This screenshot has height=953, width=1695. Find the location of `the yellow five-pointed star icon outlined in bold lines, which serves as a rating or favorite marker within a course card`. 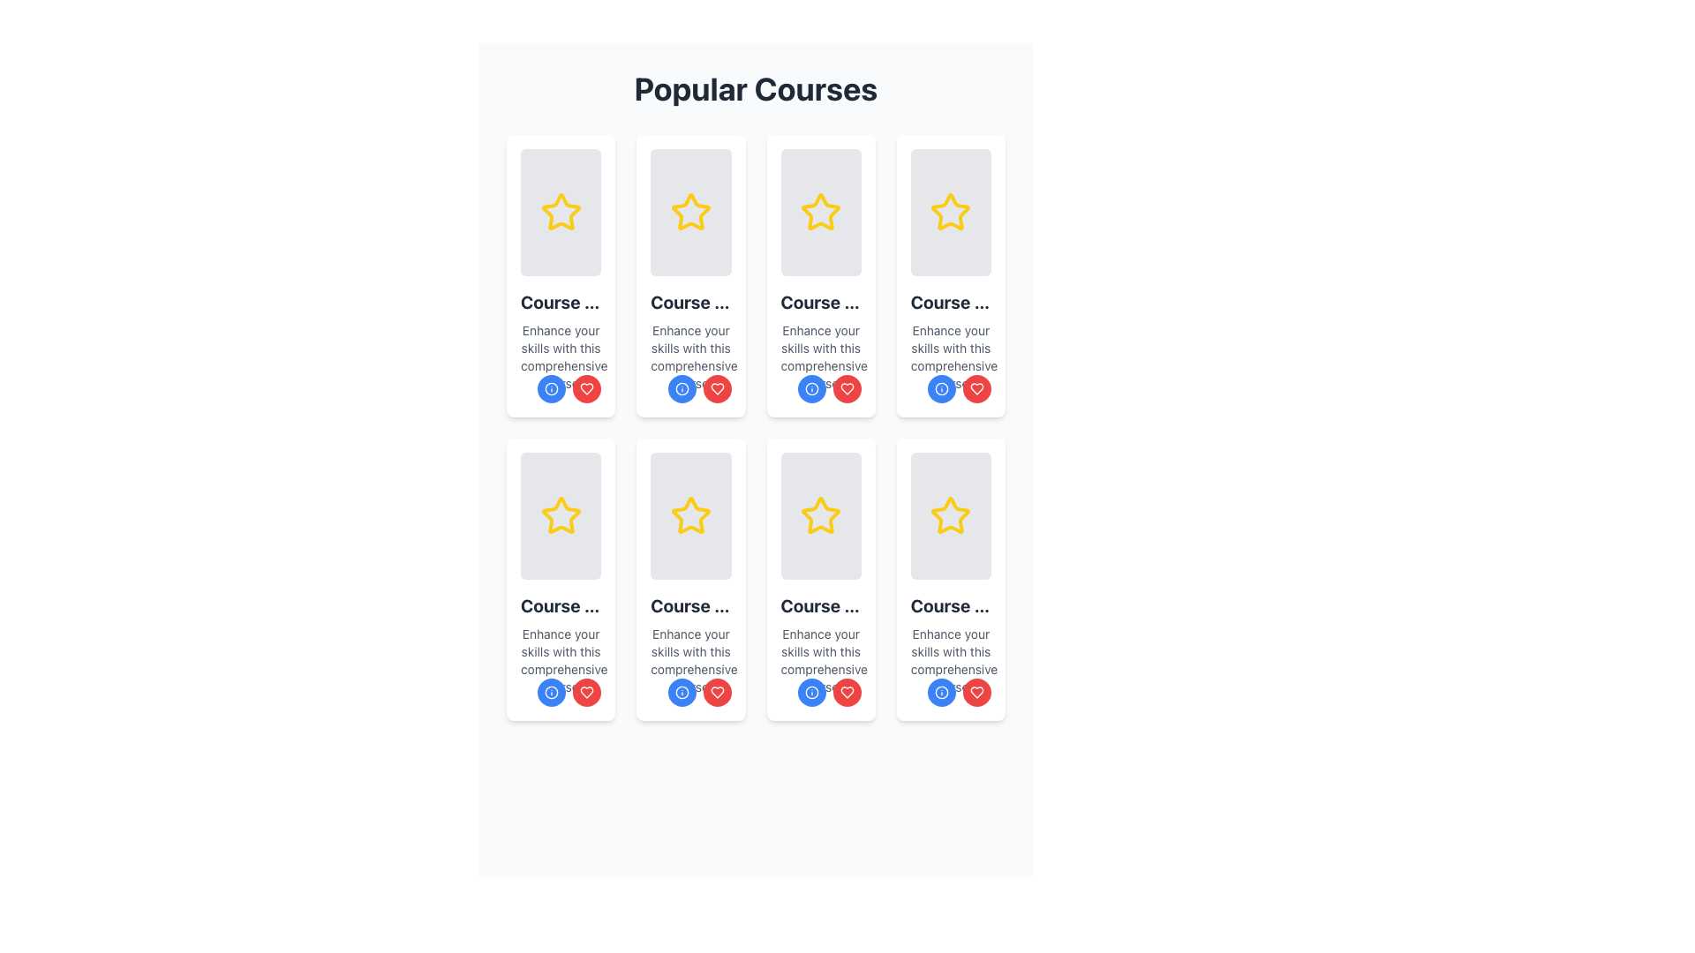

the yellow five-pointed star icon outlined in bold lines, which serves as a rating or favorite marker within a course card is located at coordinates (689, 515).